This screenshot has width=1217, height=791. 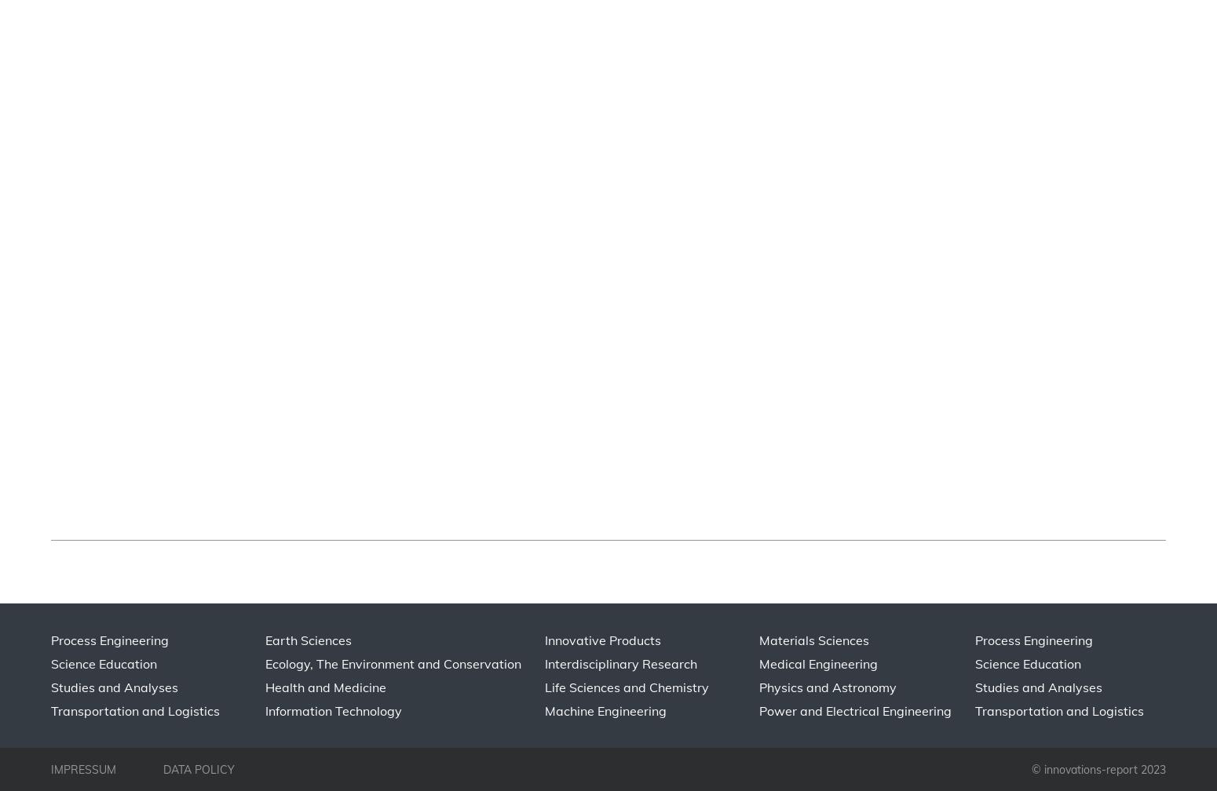 What do you see at coordinates (325, 687) in the screenshot?
I see `'Health and Medicine'` at bounding box center [325, 687].